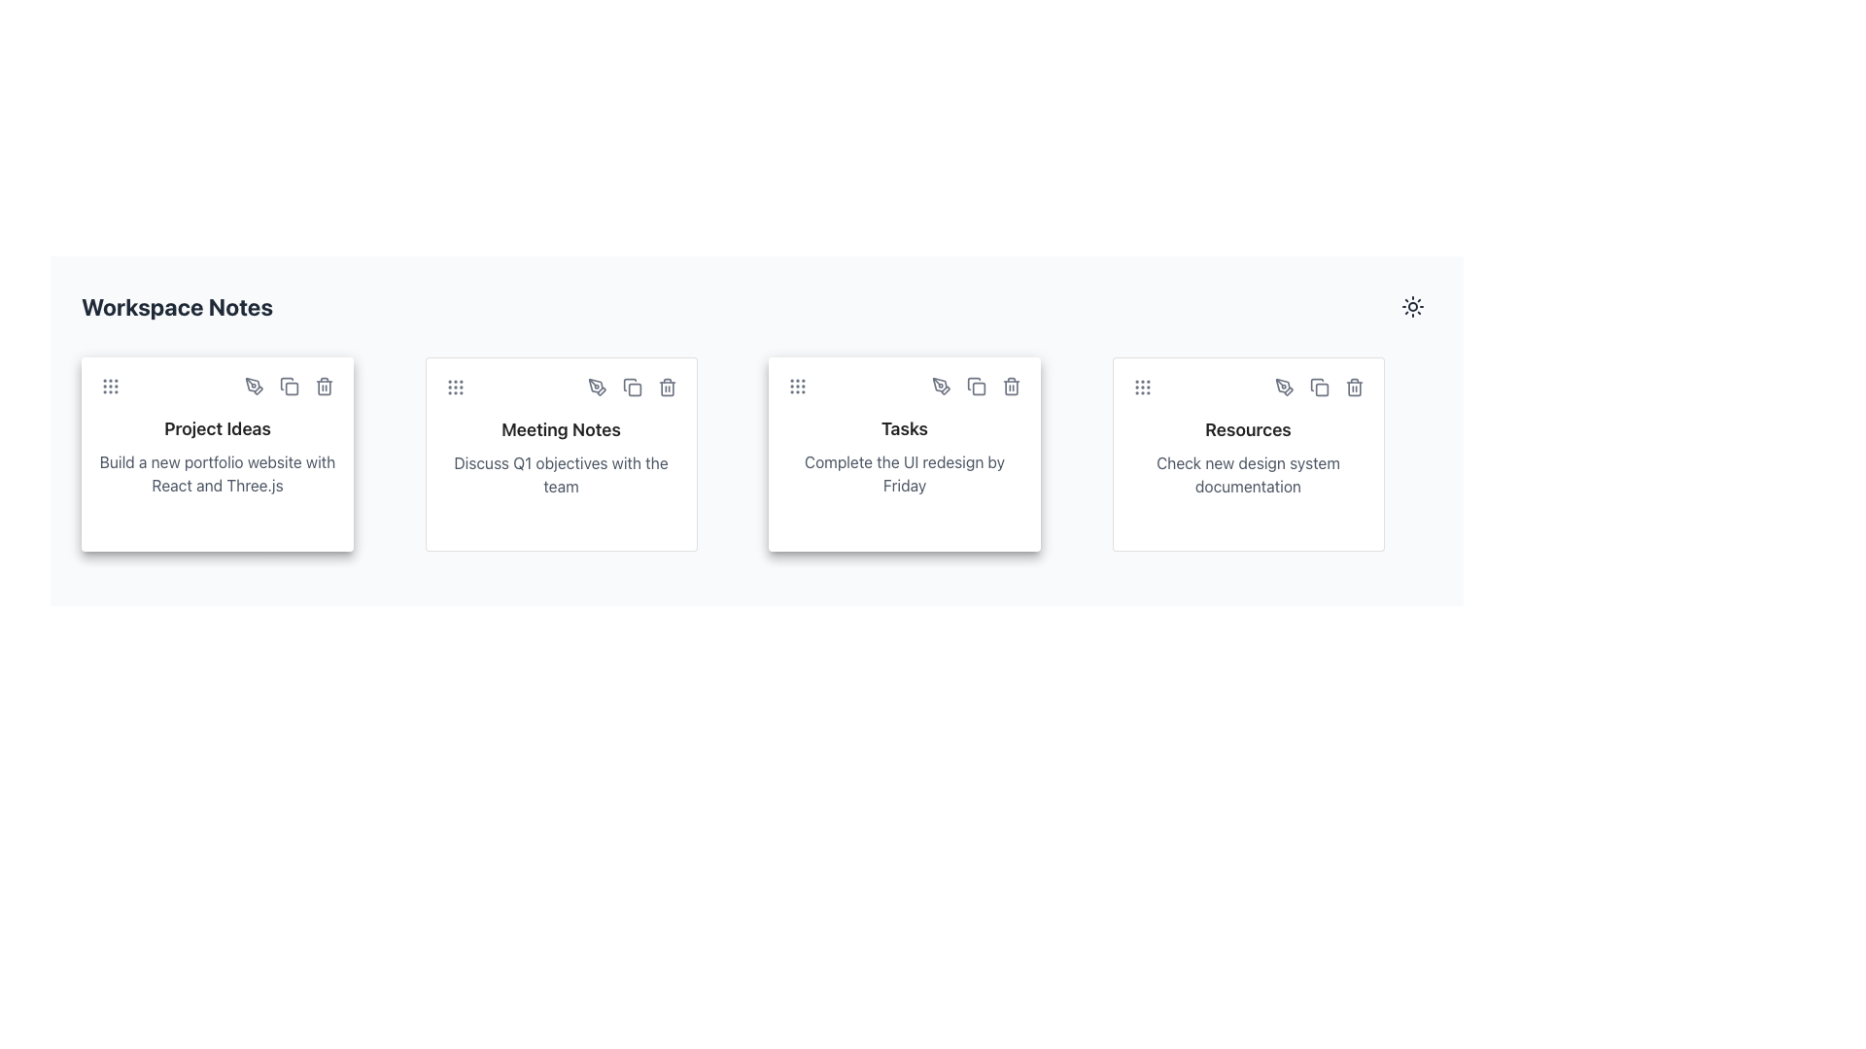  Describe the element at coordinates (454, 387) in the screenshot. I see `the drag handle located at the top-left corner of the 'Meeting Notes' card to focus on it` at that location.